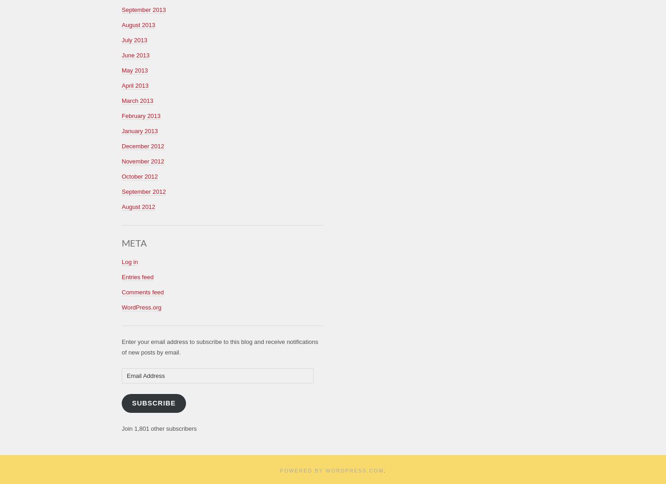  I want to click on 'Log in', so click(130, 261).